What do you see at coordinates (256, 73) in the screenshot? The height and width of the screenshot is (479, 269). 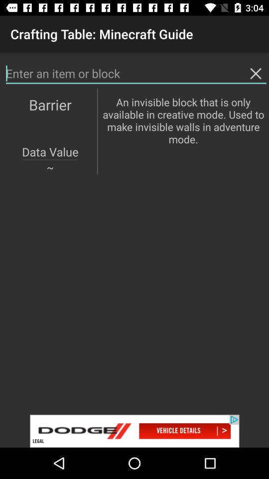 I see `clear` at bounding box center [256, 73].